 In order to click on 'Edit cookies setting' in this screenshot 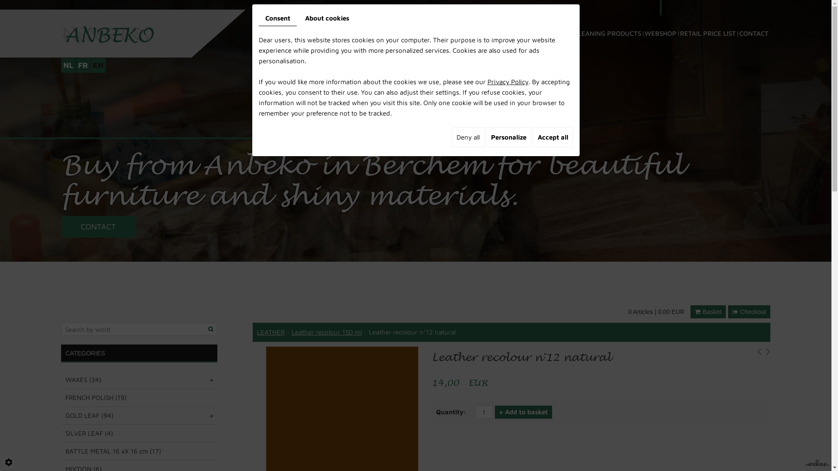, I will do `click(8, 462)`.